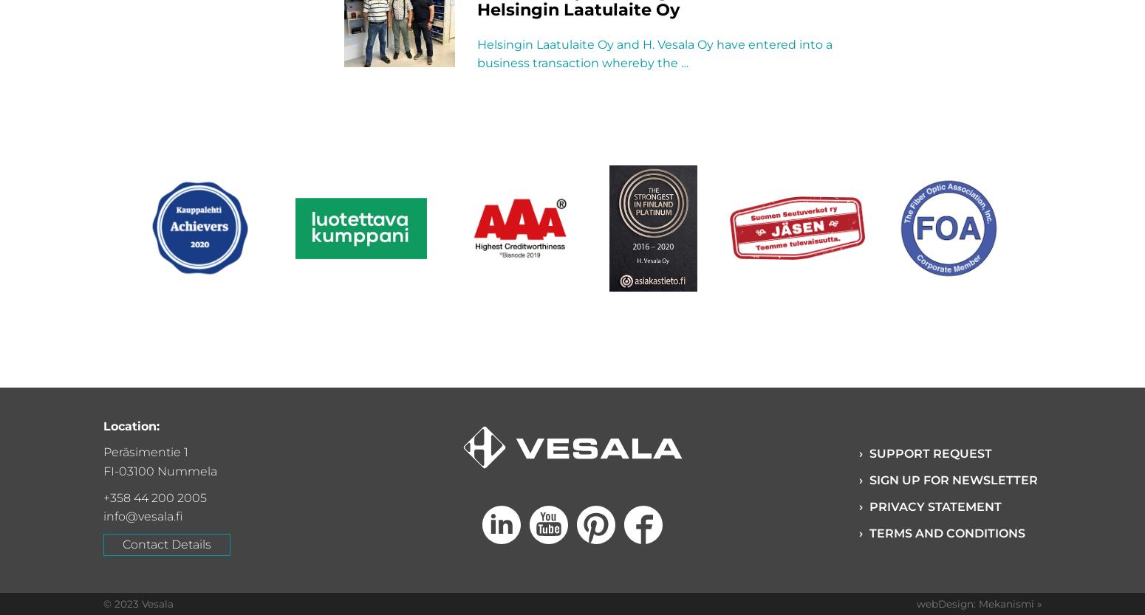 This screenshot has height=615, width=1145. Describe the element at coordinates (103, 425) in the screenshot. I see `'Location:'` at that location.